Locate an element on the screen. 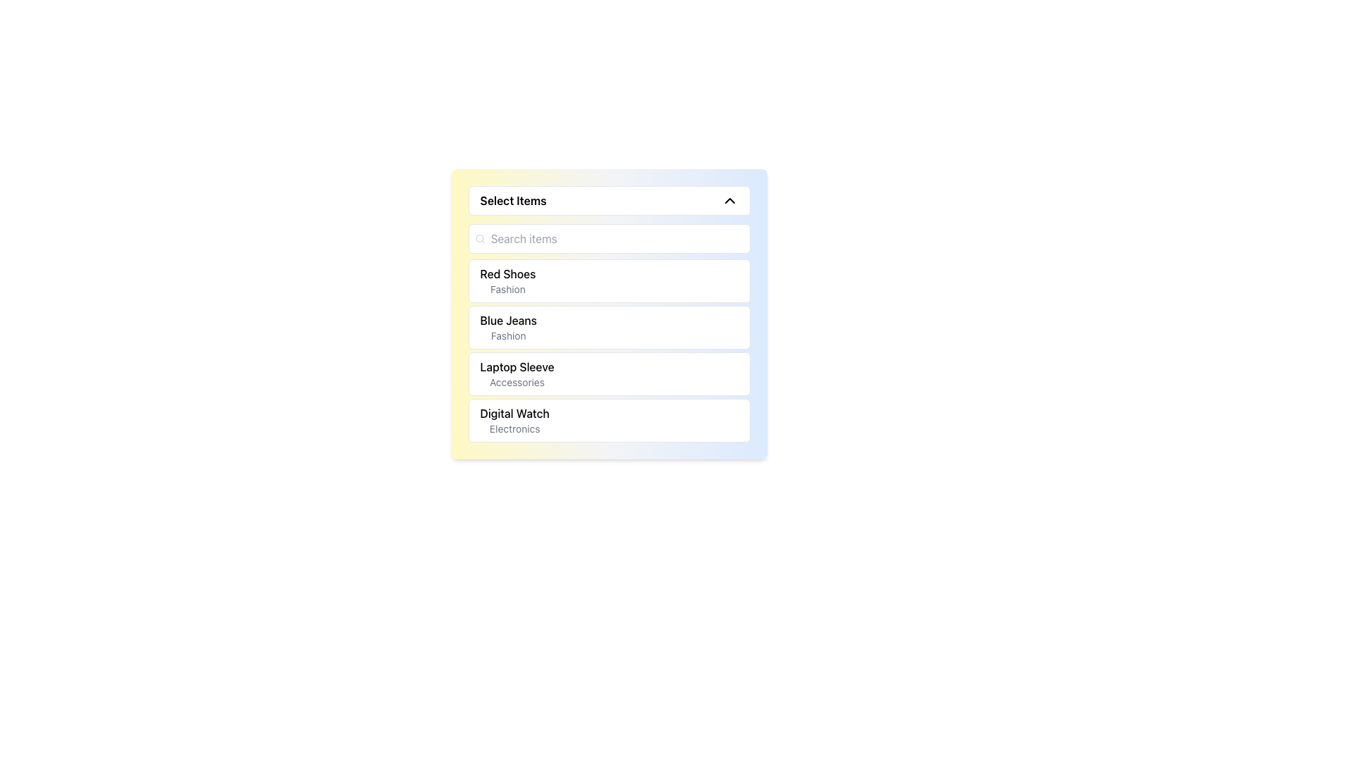 This screenshot has width=1353, height=761. the list item displaying 'Blue Jeans' with the subtitle 'Fashion' is located at coordinates (609, 328).